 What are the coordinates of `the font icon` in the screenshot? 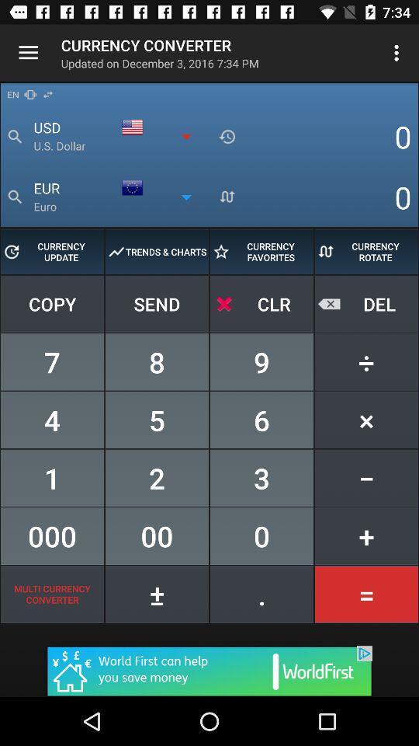 It's located at (227, 196).